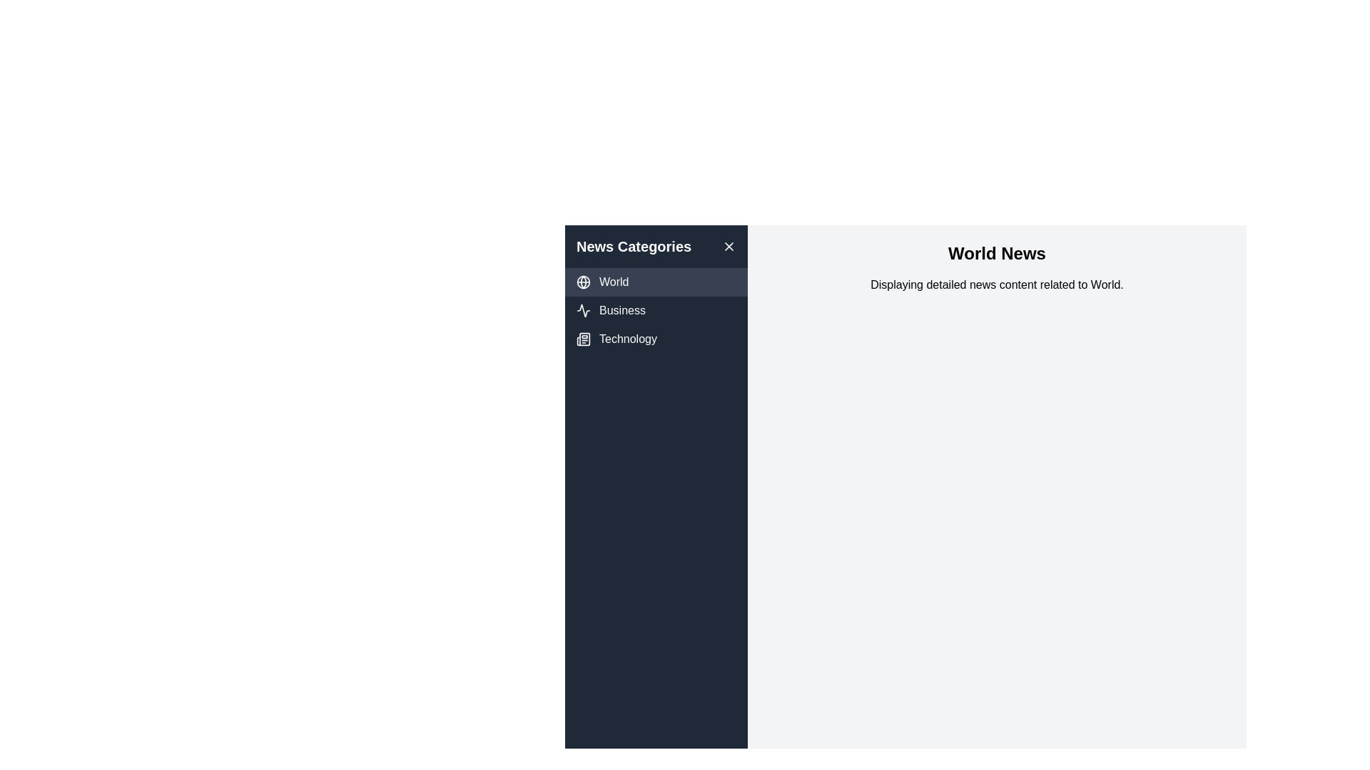 The width and height of the screenshot is (1370, 770). What do you see at coordinates (729, 246) in the screenshot?
I see `close button to toggle the drawer visibility` at bounding box center [729, 246].